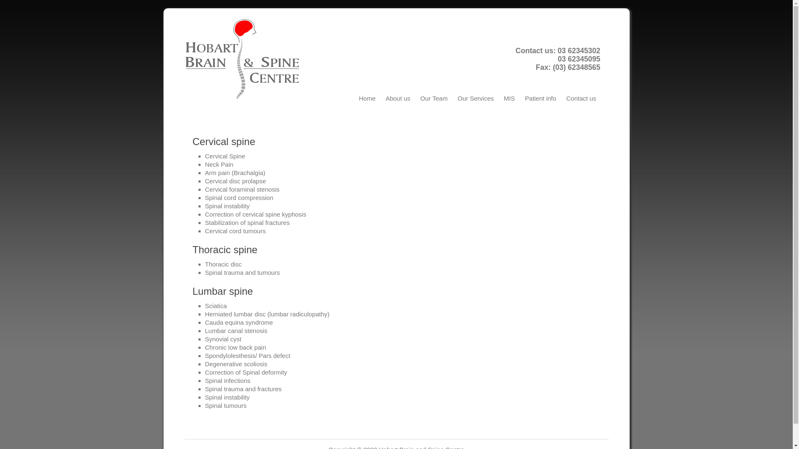 Image resolution: width=799 pixels, height=449 pixels. What do you see at coordinates (476, 98) in the screenshot?
I see `'Our Services'` at bounding box center [476, 98].